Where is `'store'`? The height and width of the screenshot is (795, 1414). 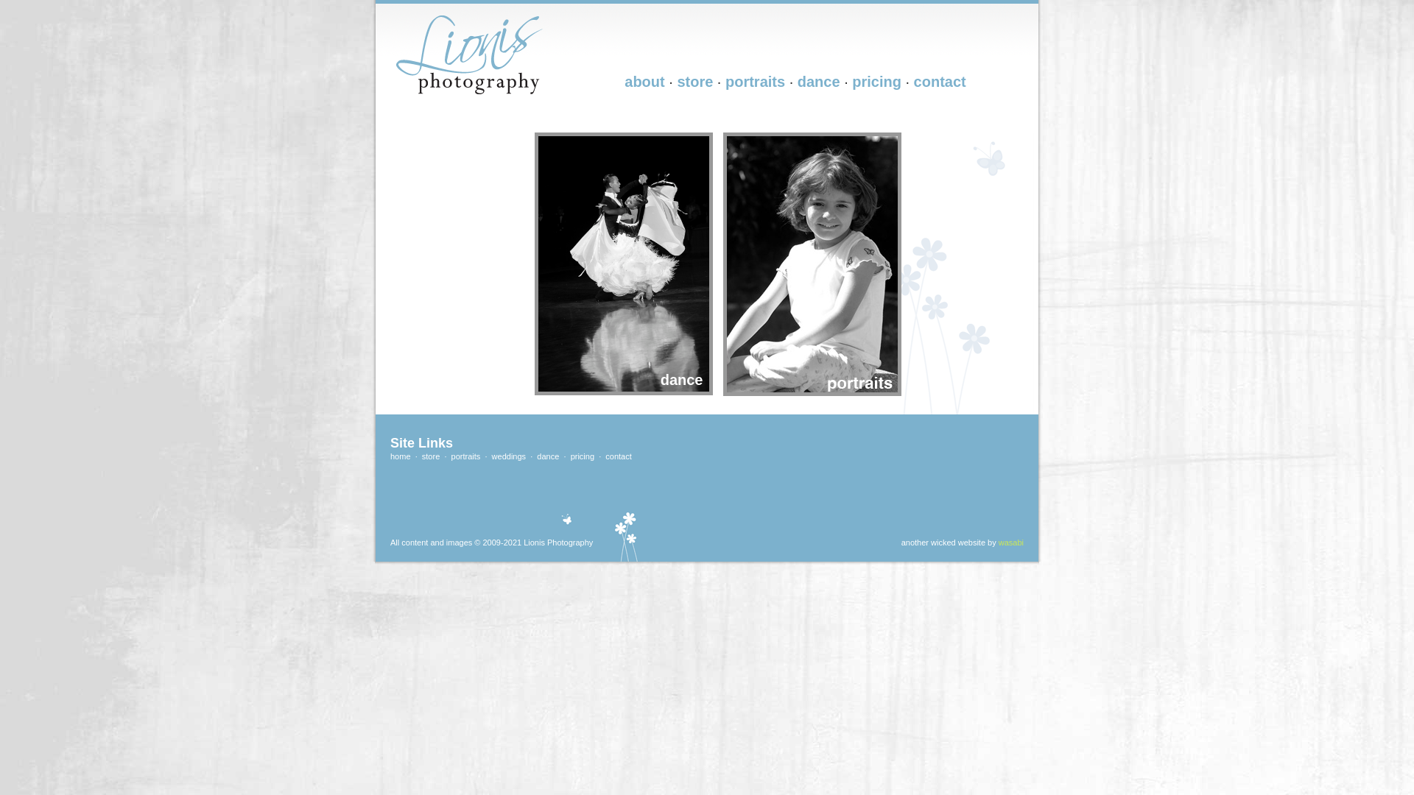 'store' is located at coordinates (421, 456).